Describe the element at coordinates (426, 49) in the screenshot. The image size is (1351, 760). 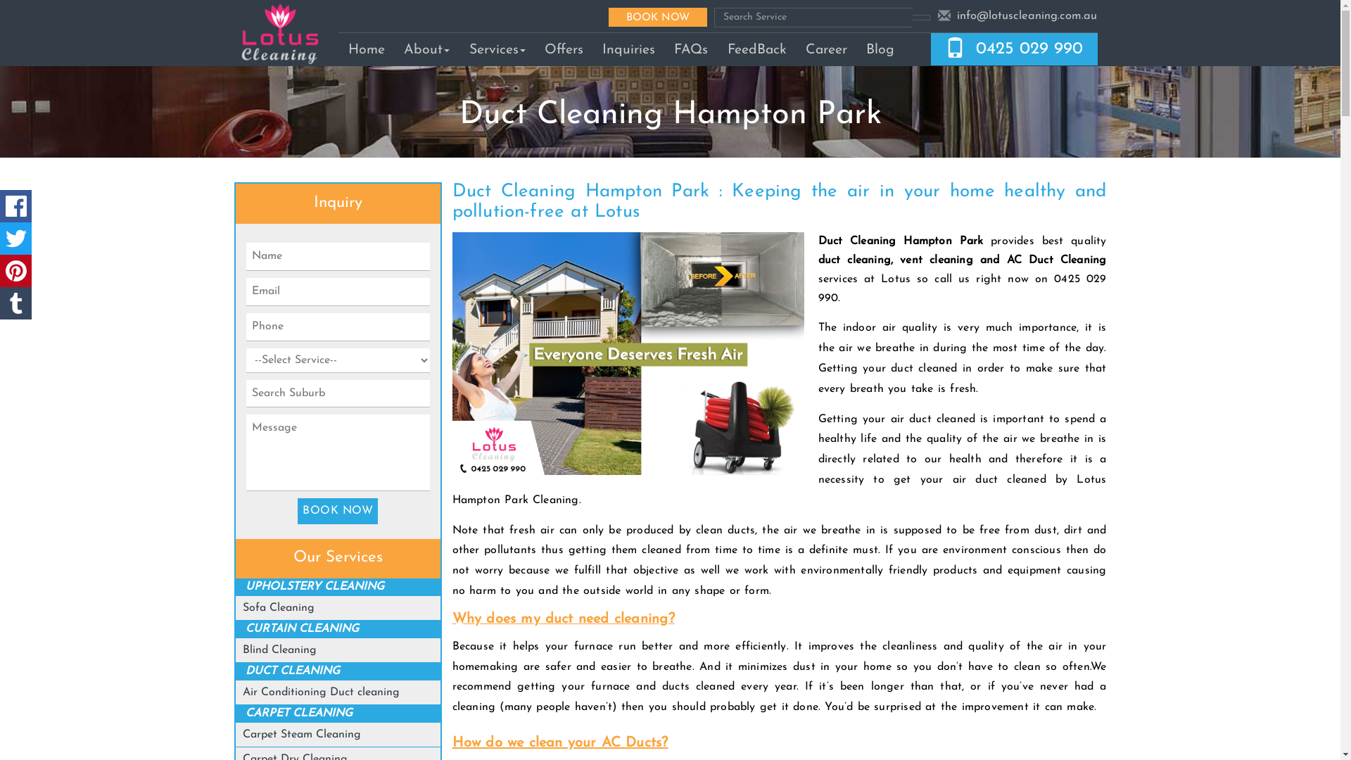
I see `'About'` at that location.